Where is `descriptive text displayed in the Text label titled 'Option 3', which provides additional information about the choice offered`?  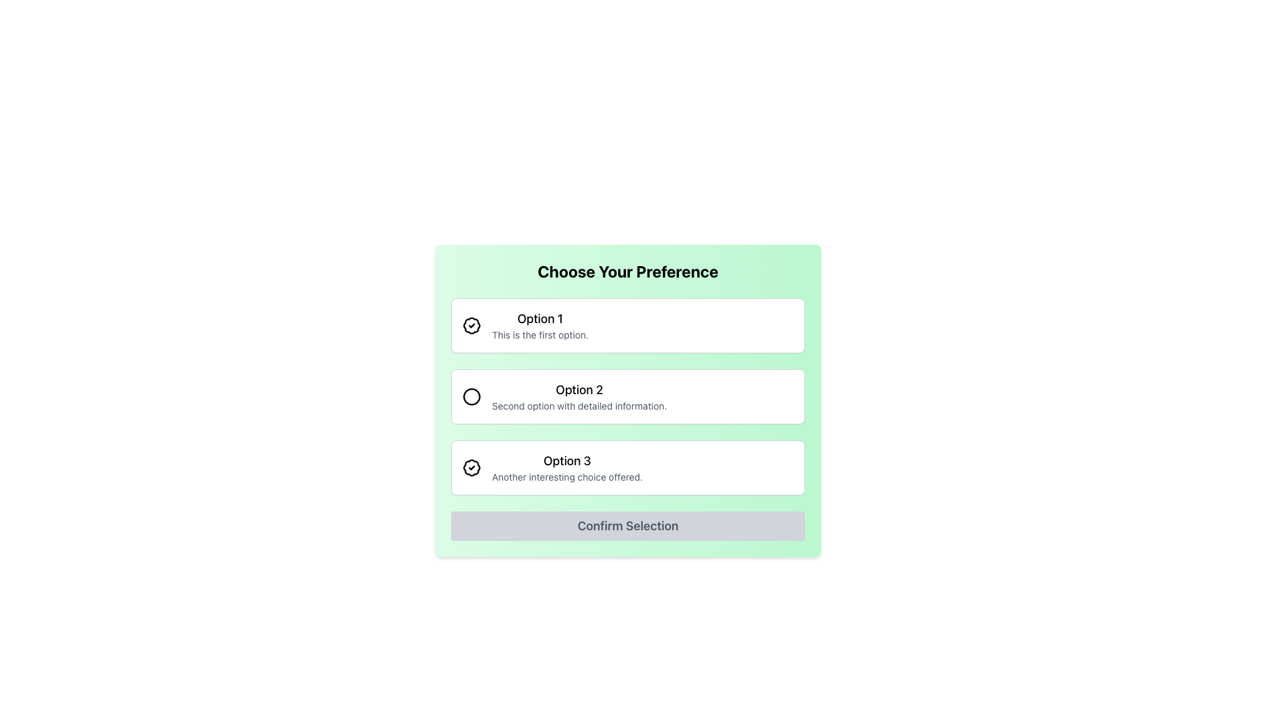 descriptive text displayed in the Text label titled 'Option 3', which provides additional information about the choice offered is located at coordinates (567, 467).